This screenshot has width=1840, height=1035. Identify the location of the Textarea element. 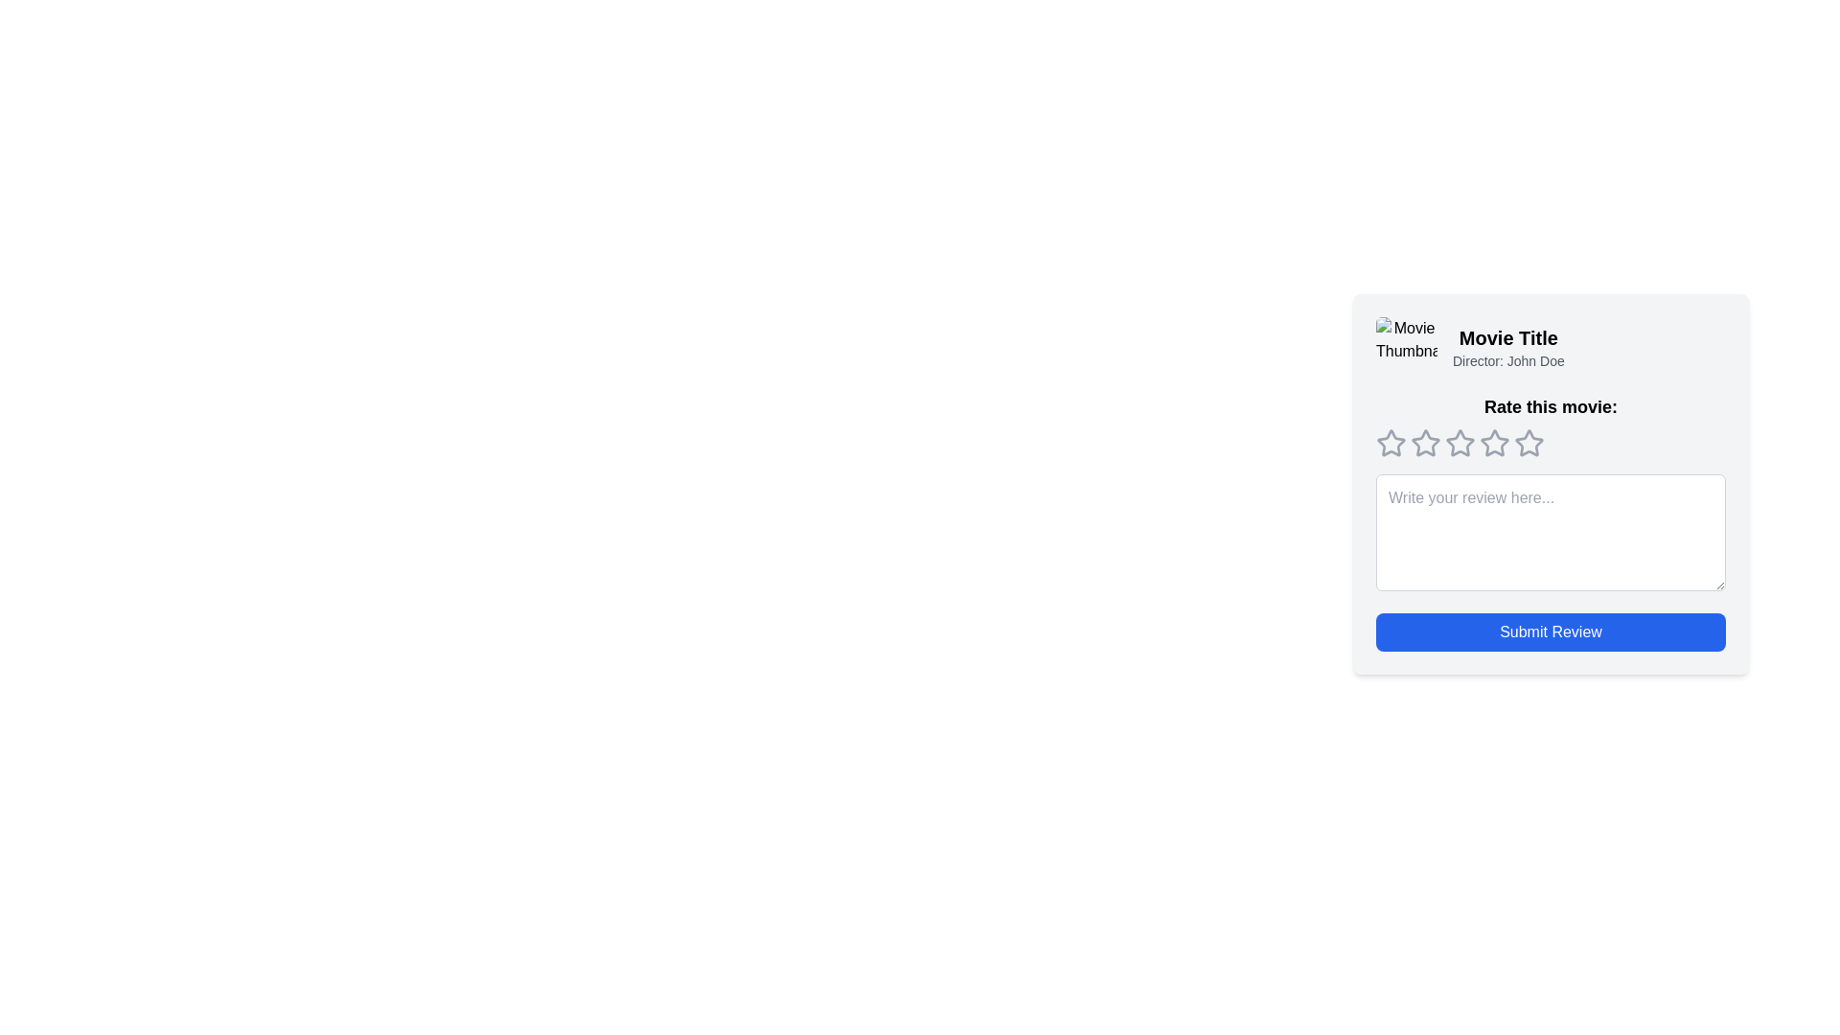
(1551, 532).